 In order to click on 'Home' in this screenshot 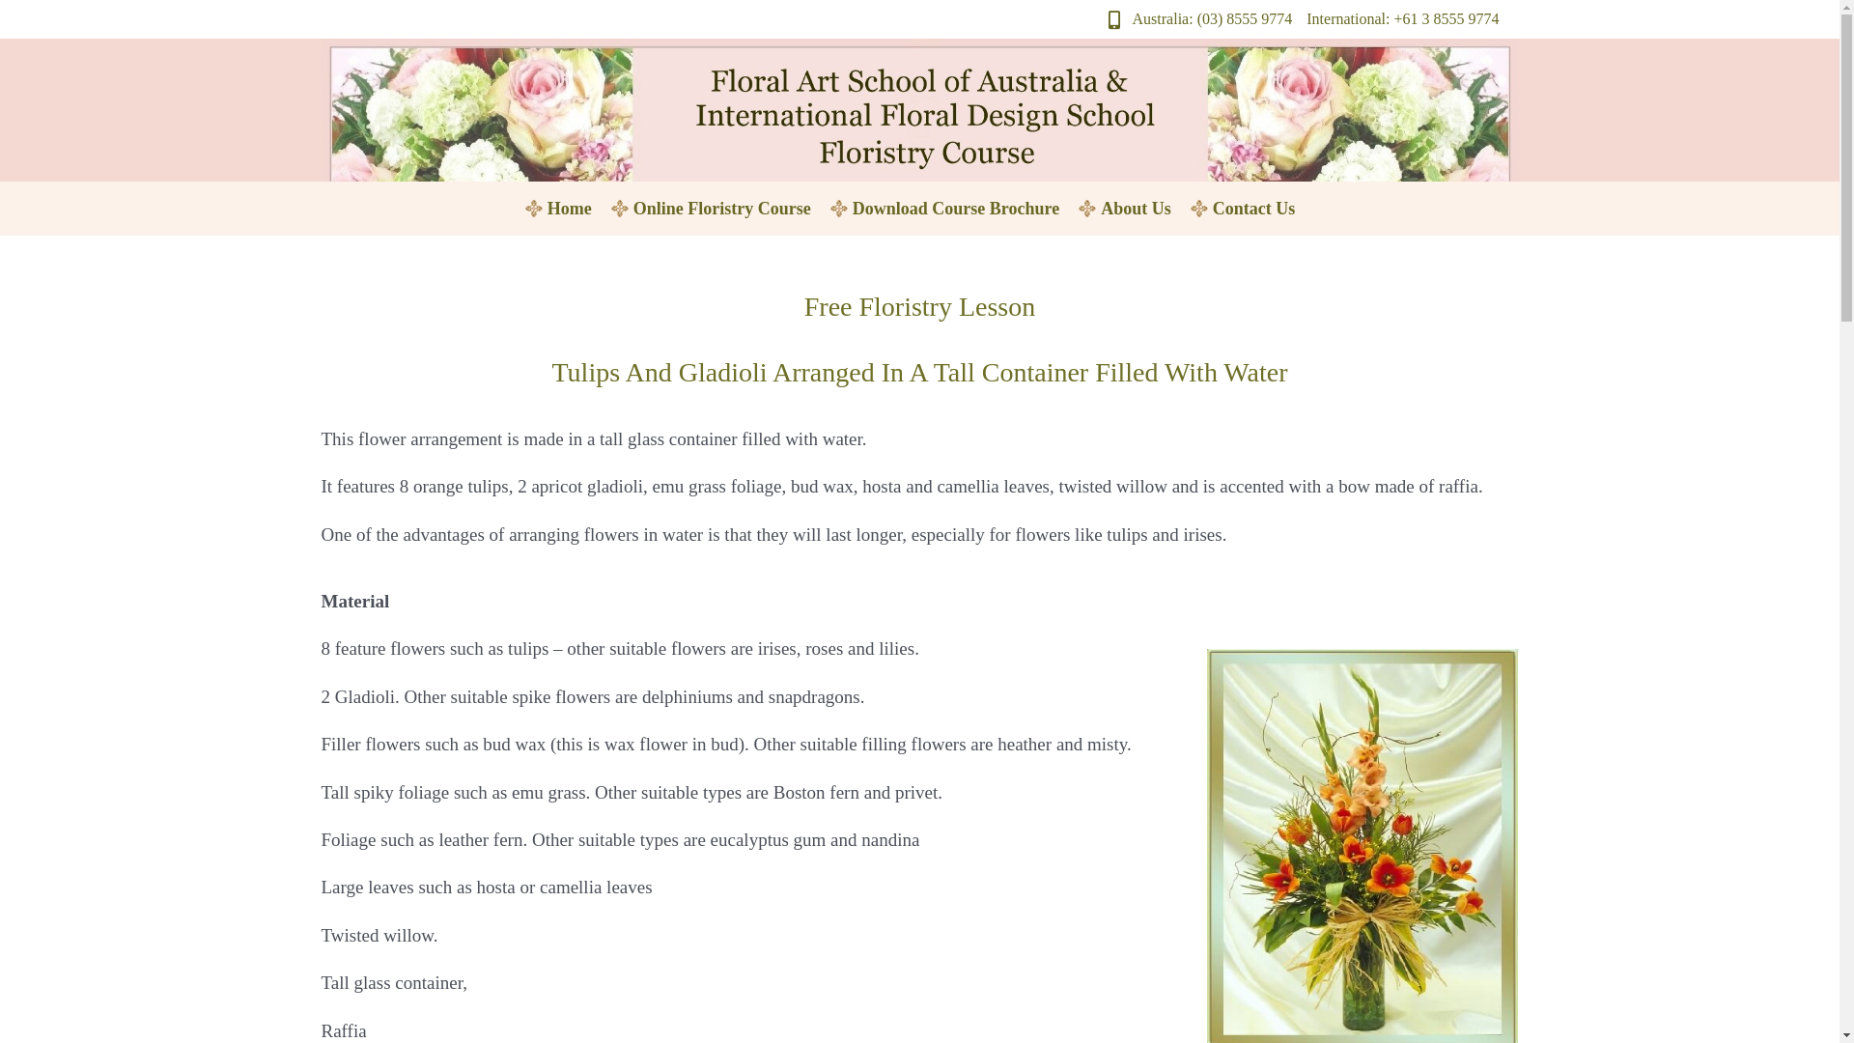, I will do `click(569, 209)`.